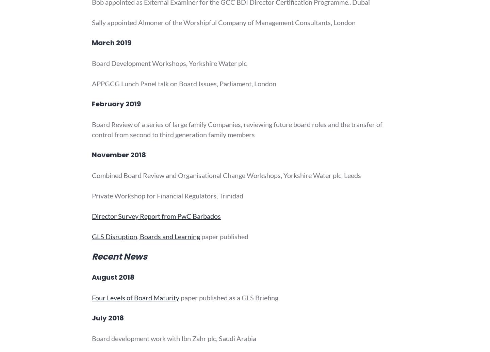  I want to click on 'Four Levels of Board Maturity', so click(135, 298).